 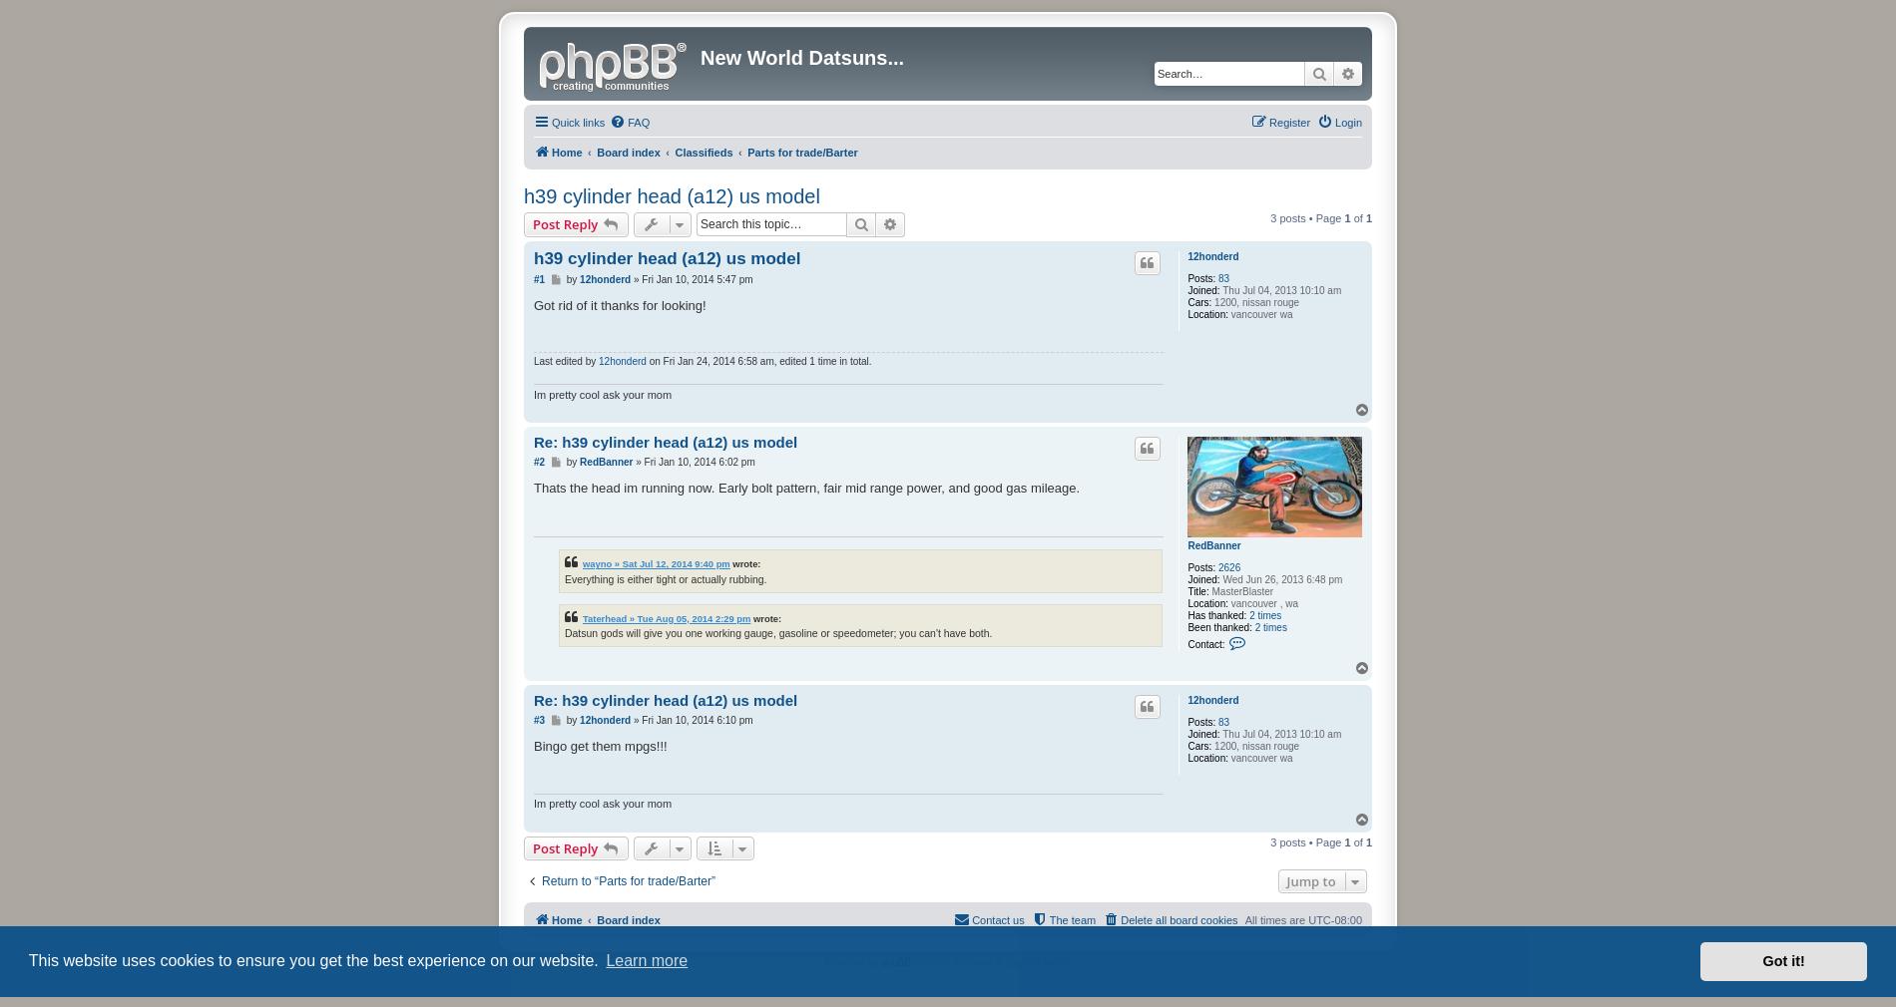 I want to click on 'Everything is either tight or actually rubbing.', so click(x=565, y=577).